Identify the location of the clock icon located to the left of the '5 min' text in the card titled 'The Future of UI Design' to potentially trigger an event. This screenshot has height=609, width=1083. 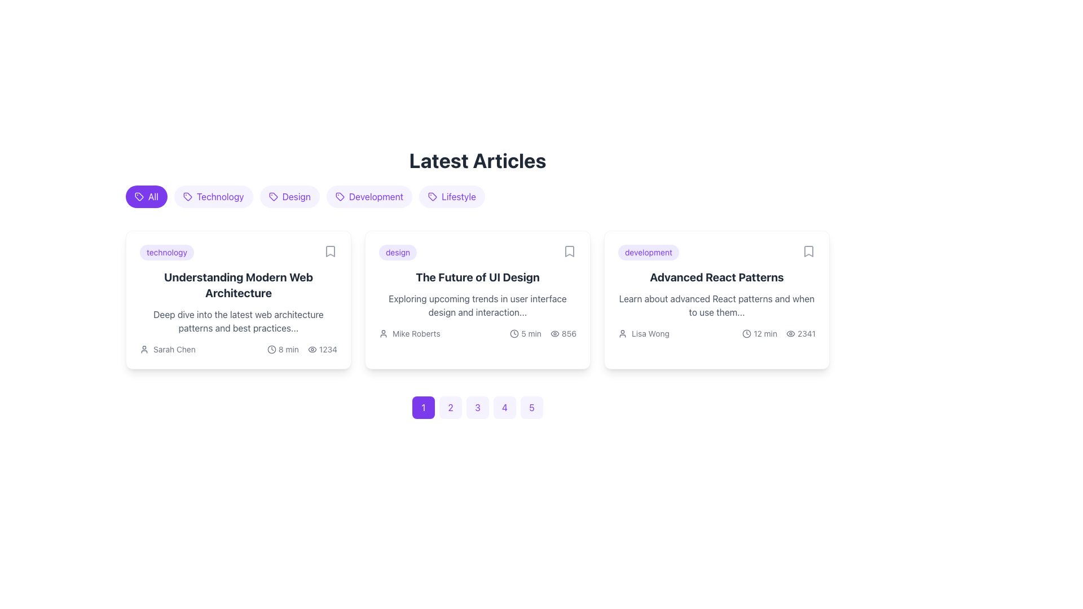
(514, 333).